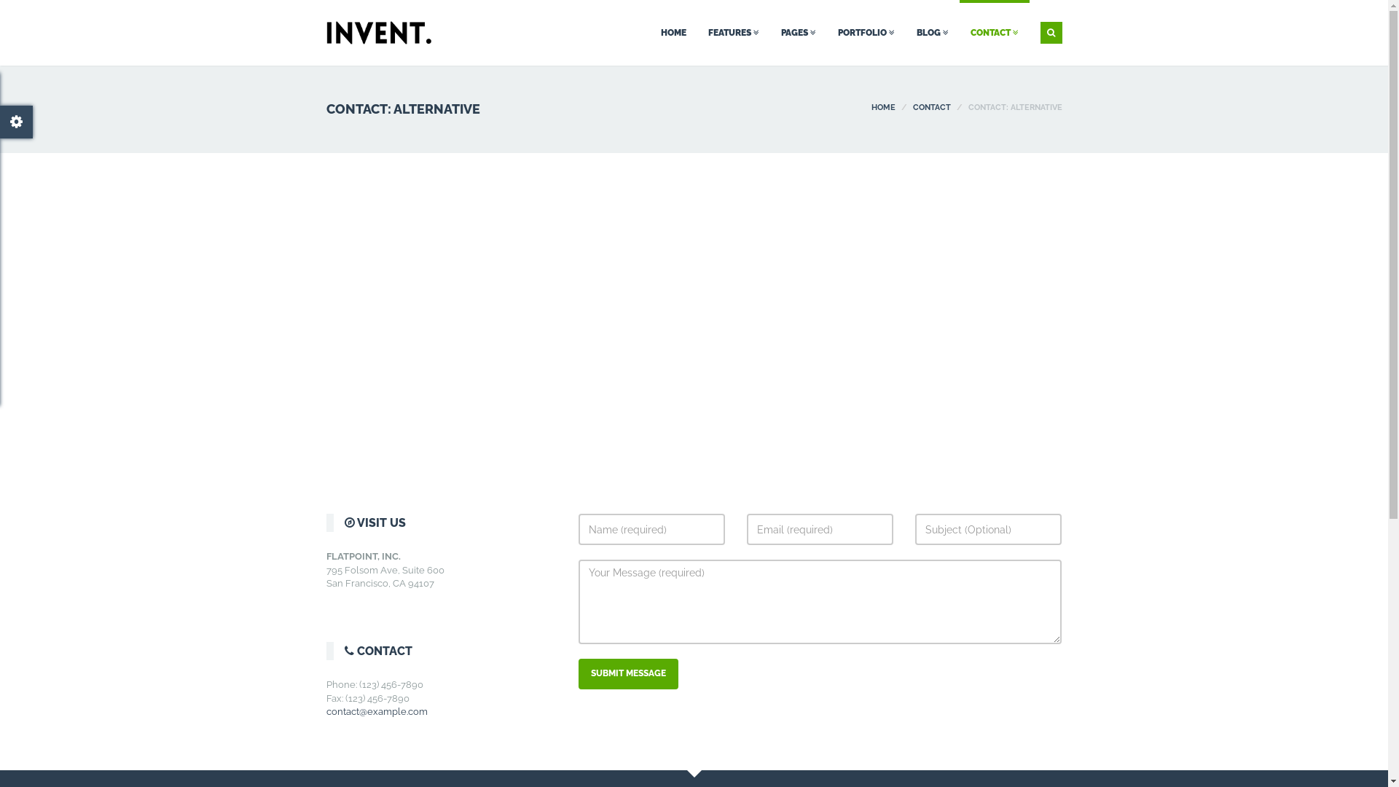 Image resolution: width=1399 pixels, height=787 pixels. Describe the element at coordinates (628, 673) in the screenshot. I see `'SUBMIT MESSAGE'` at that location.